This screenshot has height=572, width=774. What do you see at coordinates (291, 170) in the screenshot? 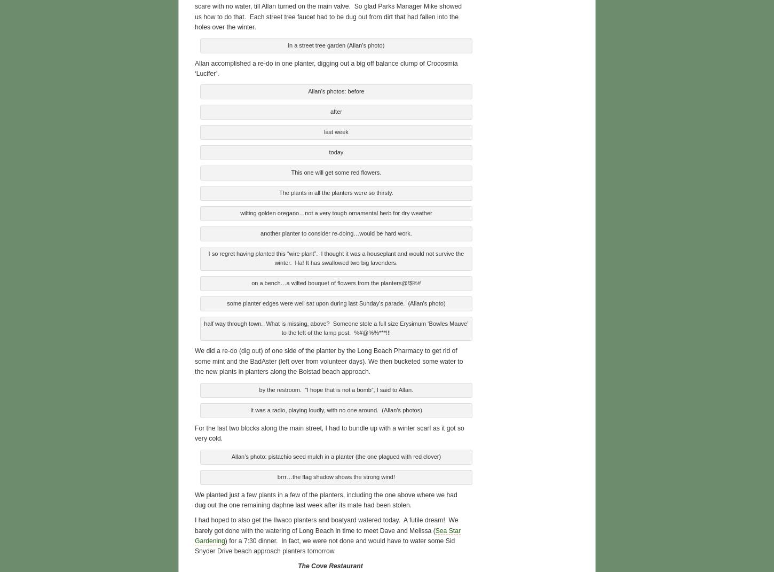
I see `'This one will get some red flowers.'` at bounding box center [291, 170].